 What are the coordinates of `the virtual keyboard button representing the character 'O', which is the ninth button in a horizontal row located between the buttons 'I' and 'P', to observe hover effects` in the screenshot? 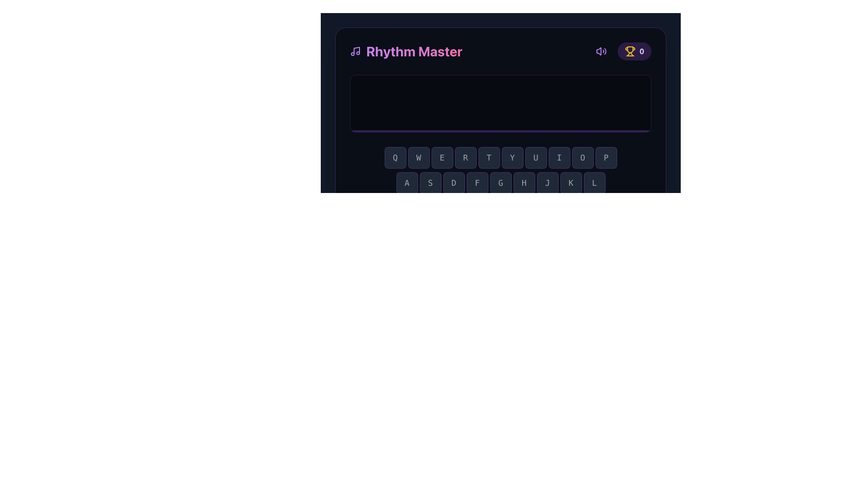 It's located at (583, 157).